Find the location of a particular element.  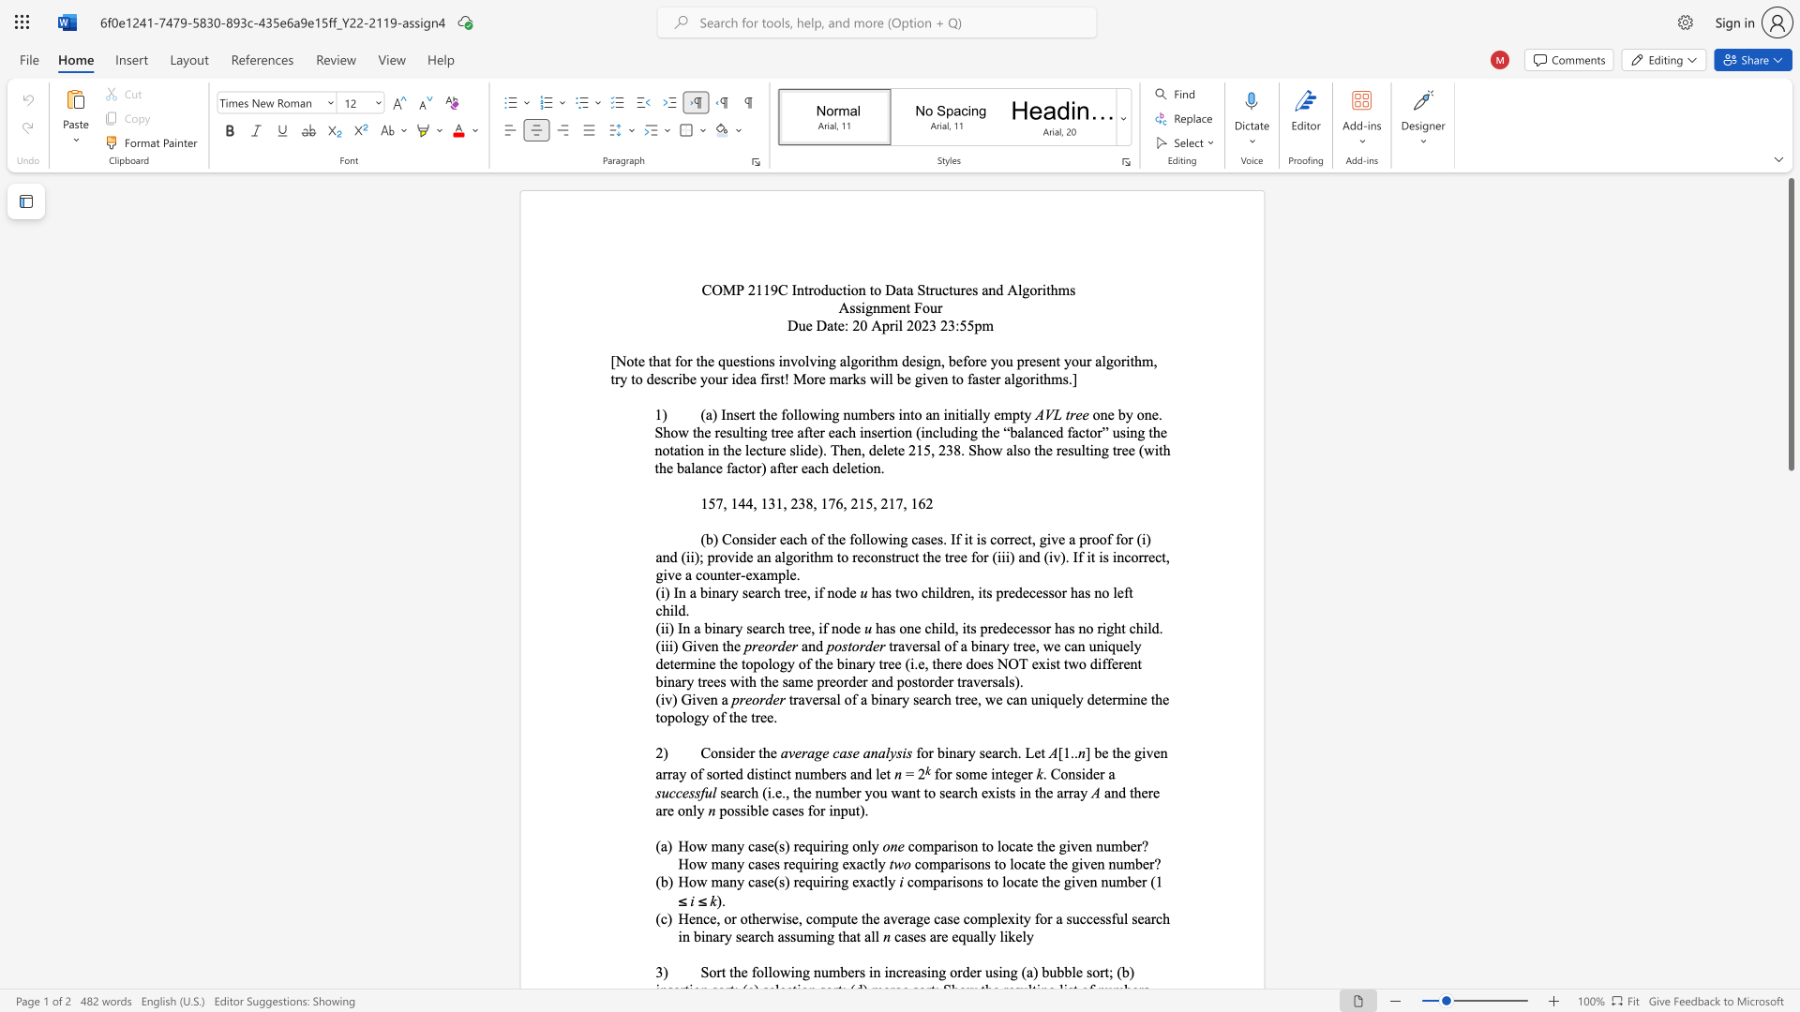

the 1th character "m" in the text is located at coordinates (885, 306).